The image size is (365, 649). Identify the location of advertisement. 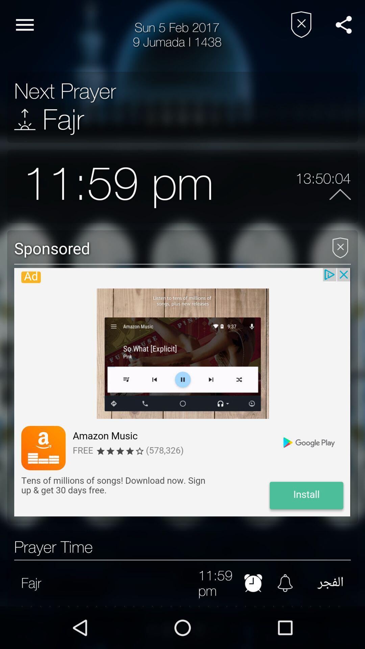
(182, 392).